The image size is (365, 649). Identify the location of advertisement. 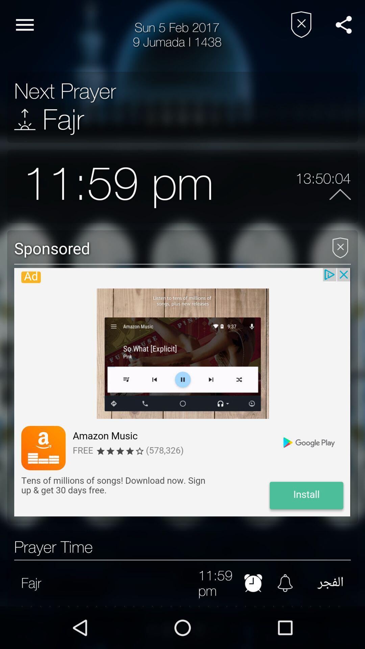
(182, 392).